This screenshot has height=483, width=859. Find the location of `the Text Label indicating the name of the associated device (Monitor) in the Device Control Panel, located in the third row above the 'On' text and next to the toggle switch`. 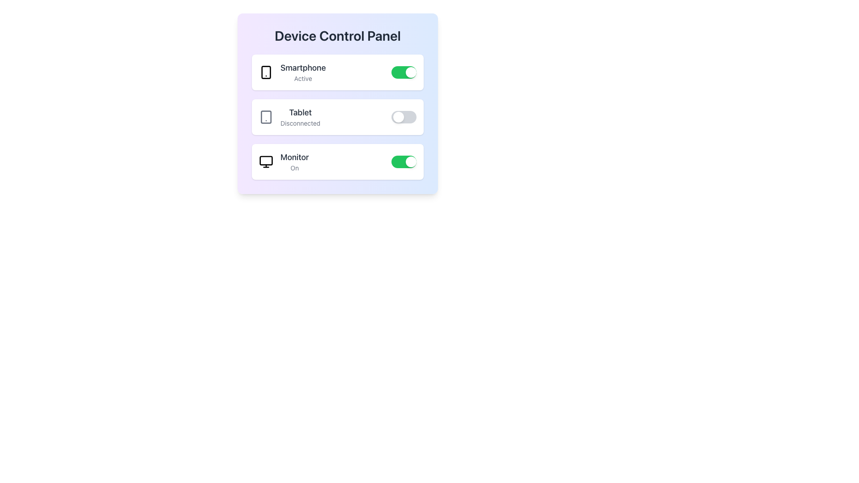

the Text Label indicating the name of the associated device (Monitor) in the Device Control Panel, located in the third row above the 'On' text and next to the toggle switch is located at coordinates (294, 157).